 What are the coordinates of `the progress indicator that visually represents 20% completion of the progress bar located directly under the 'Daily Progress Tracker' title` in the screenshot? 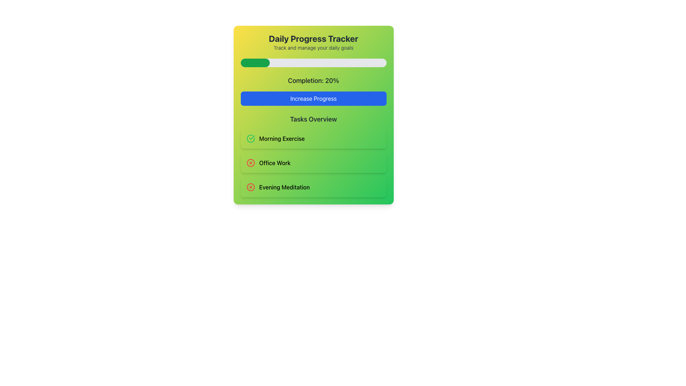 It's located at (255, 63).